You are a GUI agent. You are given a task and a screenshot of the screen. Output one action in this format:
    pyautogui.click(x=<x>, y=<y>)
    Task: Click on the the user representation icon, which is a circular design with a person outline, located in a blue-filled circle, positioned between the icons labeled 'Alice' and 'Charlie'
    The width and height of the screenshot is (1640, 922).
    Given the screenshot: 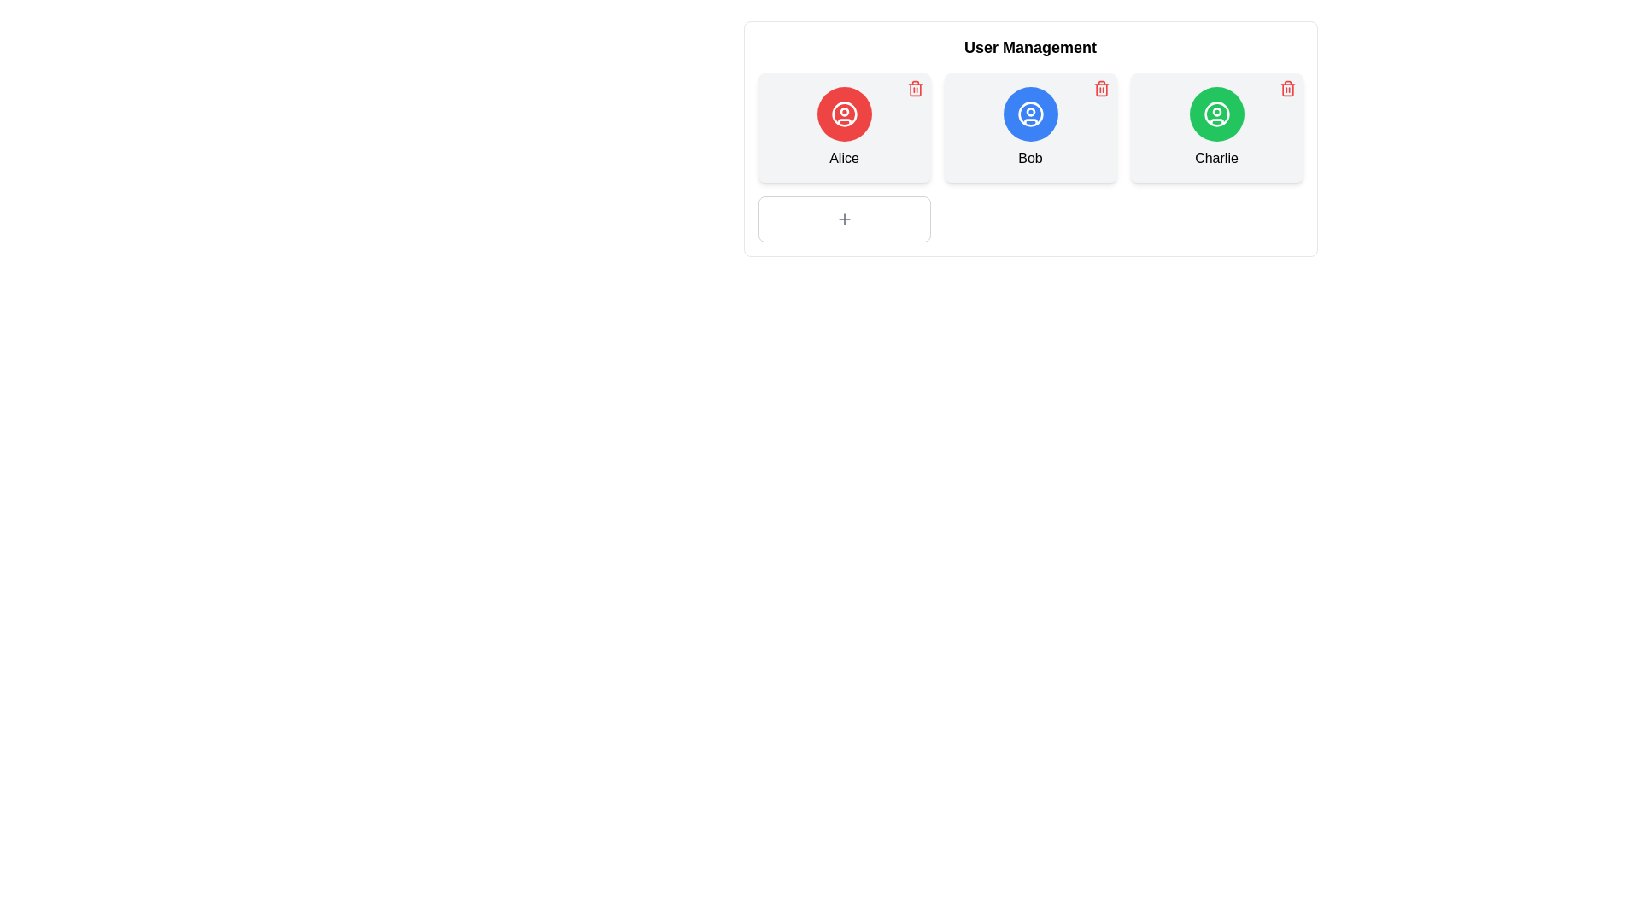 What is the action you would take?
    pyautogui.click(x=1029, y=114)
    